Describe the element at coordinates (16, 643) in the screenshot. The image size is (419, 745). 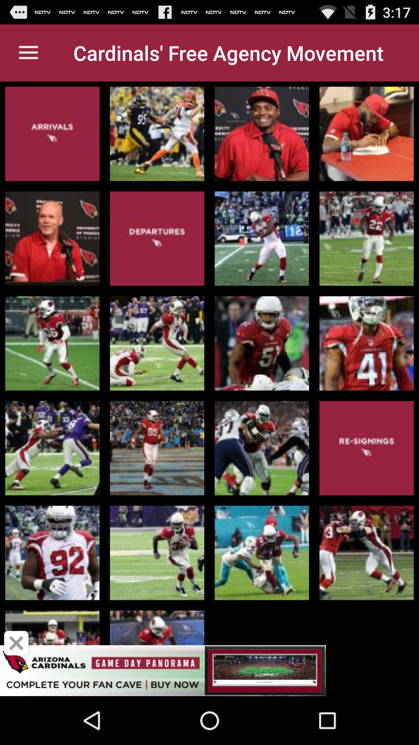
I see `previous` at that location.